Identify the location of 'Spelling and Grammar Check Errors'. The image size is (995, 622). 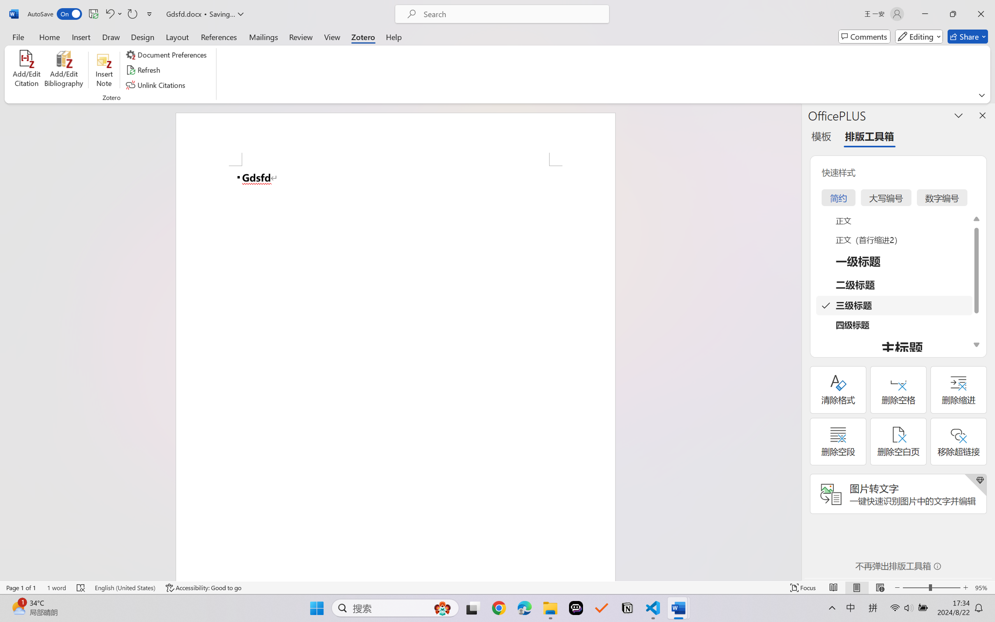
(81, 587).